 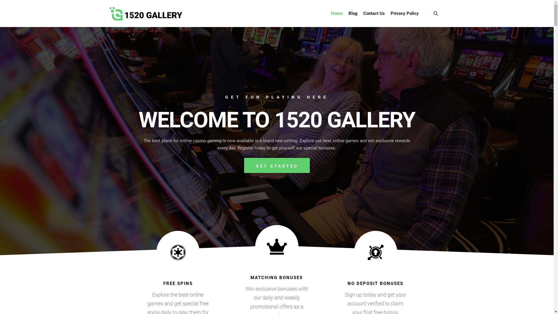 I want to click on 'Search', so click(x=436, y=13).